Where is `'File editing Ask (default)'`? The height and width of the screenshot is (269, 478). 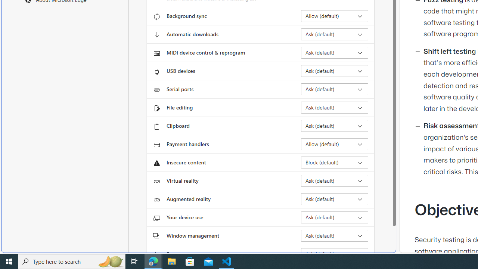 'File editing Ask (default)' is located at coordinates (334, 108).